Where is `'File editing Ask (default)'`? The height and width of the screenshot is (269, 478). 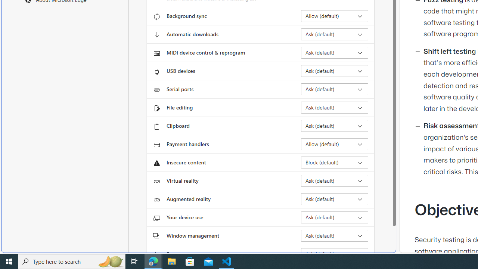 'File editing Ask (default)' is located at coordinates (334, 108).